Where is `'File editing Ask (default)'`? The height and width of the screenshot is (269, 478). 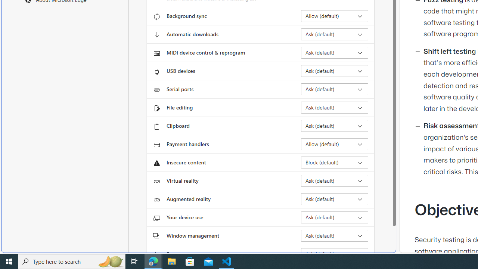 'File editing Ask (default)' is located at coordinates (334, 108).